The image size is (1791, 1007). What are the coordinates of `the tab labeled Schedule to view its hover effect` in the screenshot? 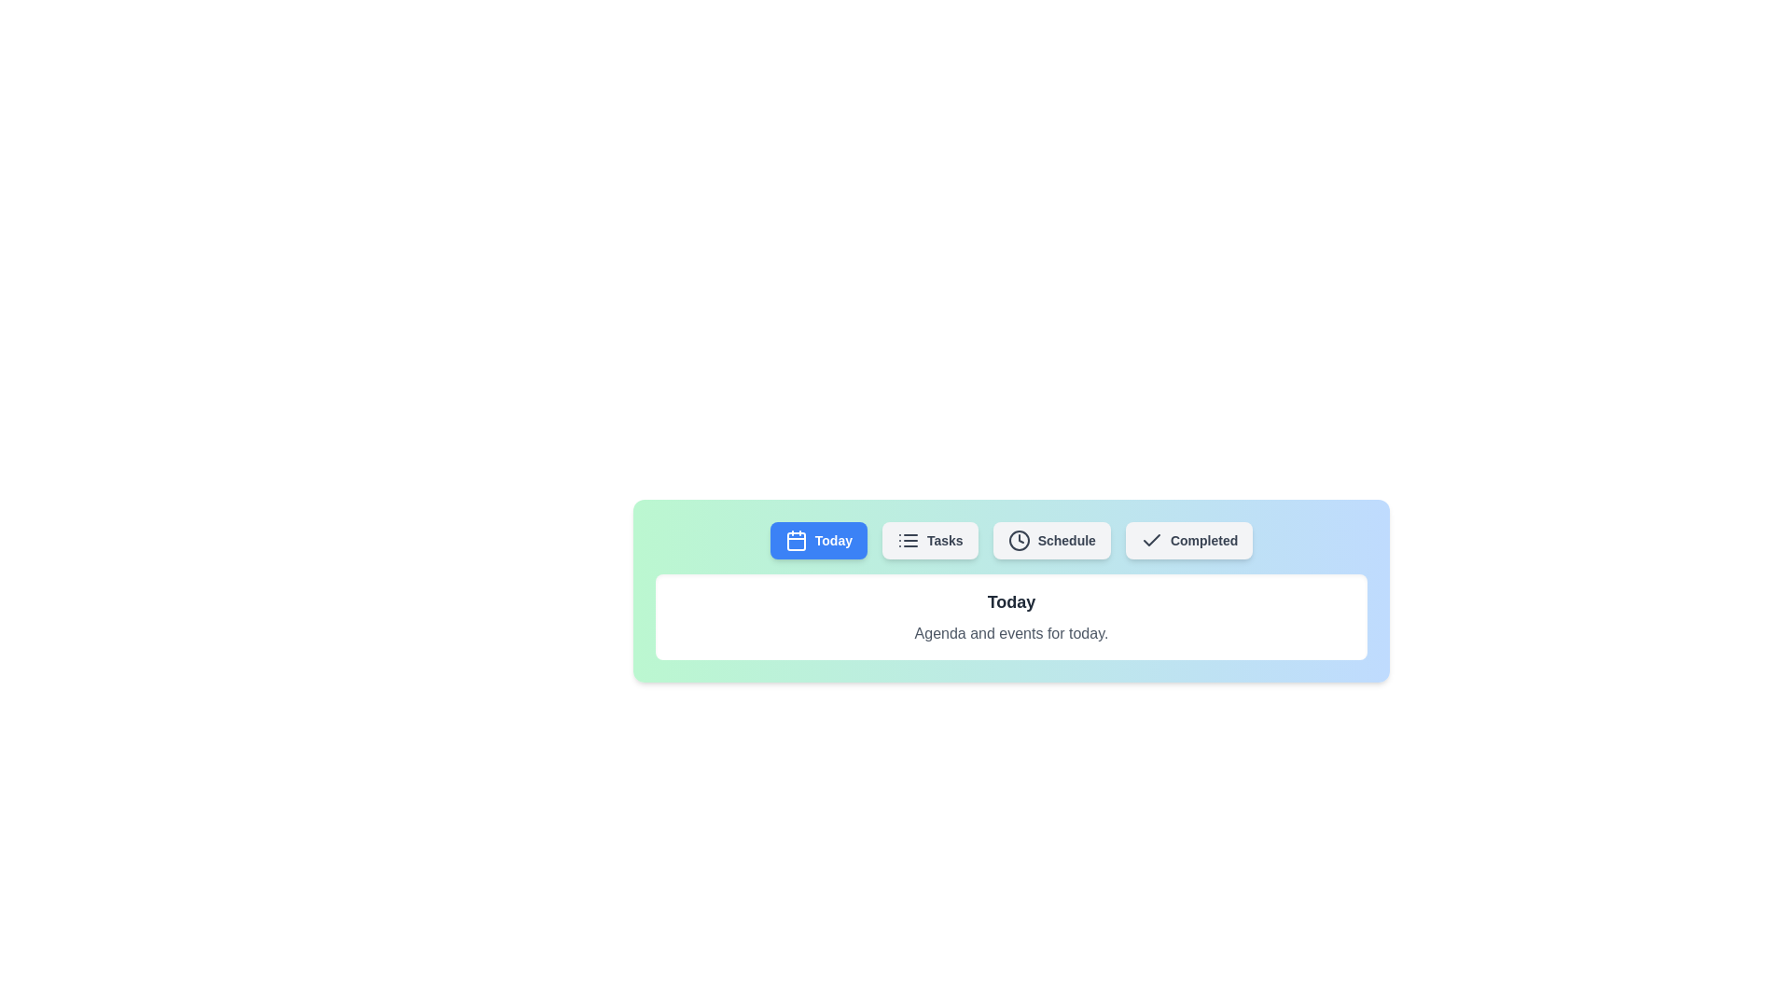 It's located at (1051, 540).